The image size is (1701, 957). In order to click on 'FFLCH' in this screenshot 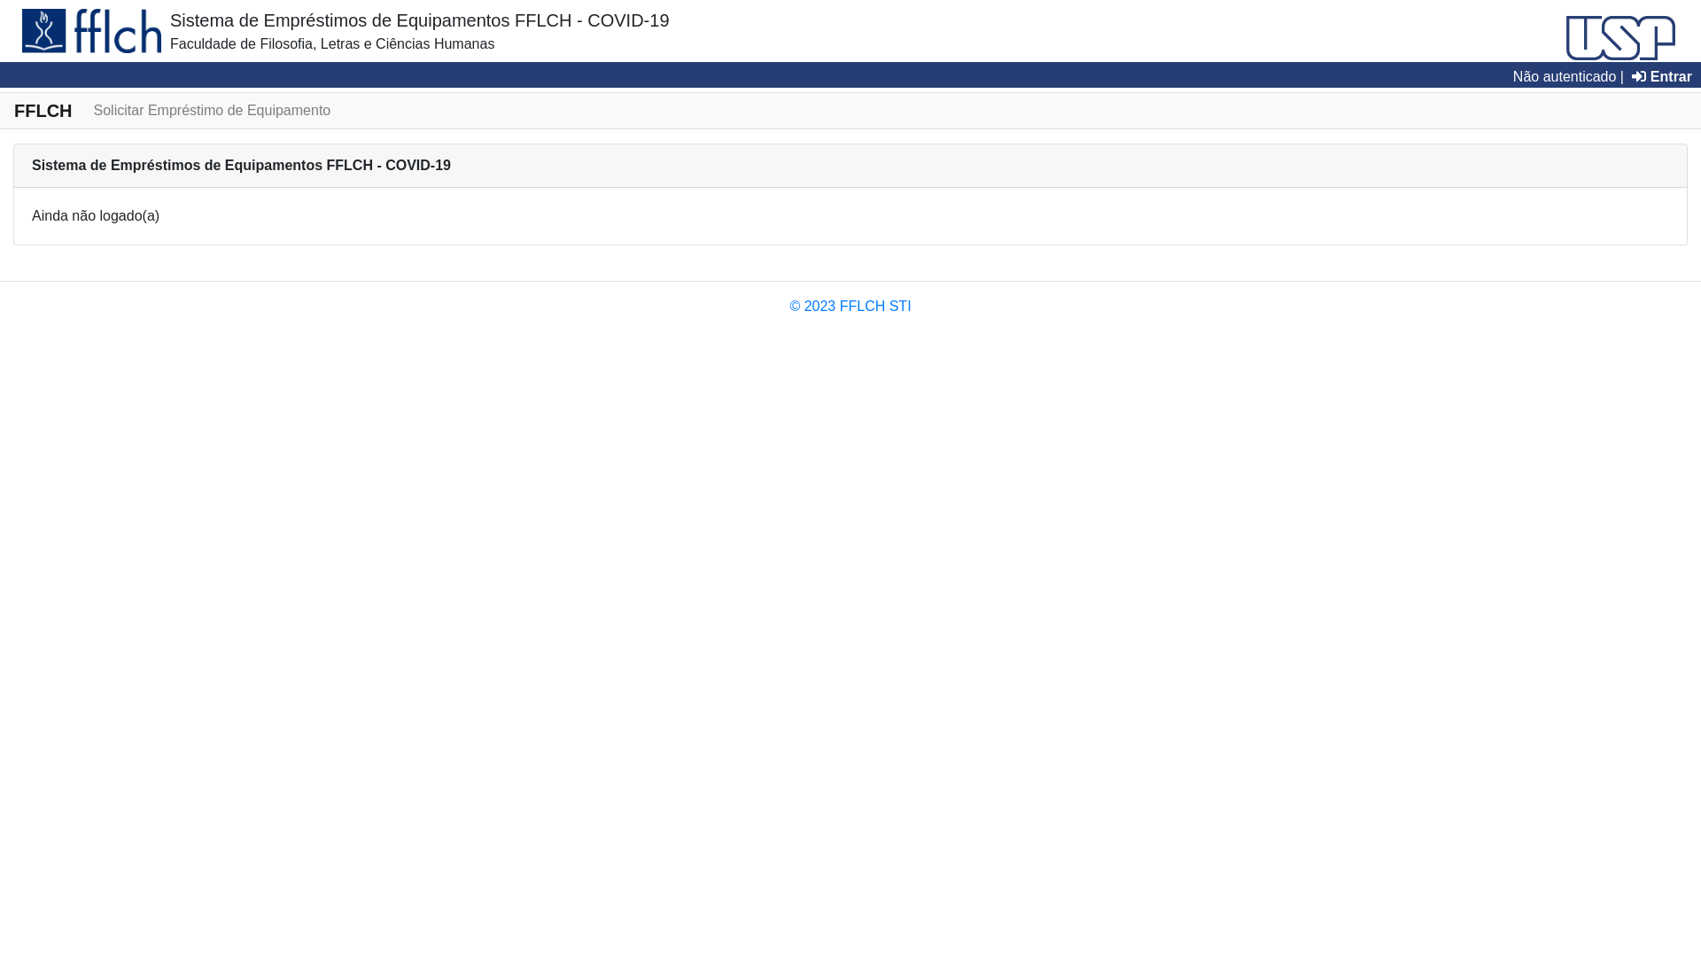, I will do `click(43, 110)`.